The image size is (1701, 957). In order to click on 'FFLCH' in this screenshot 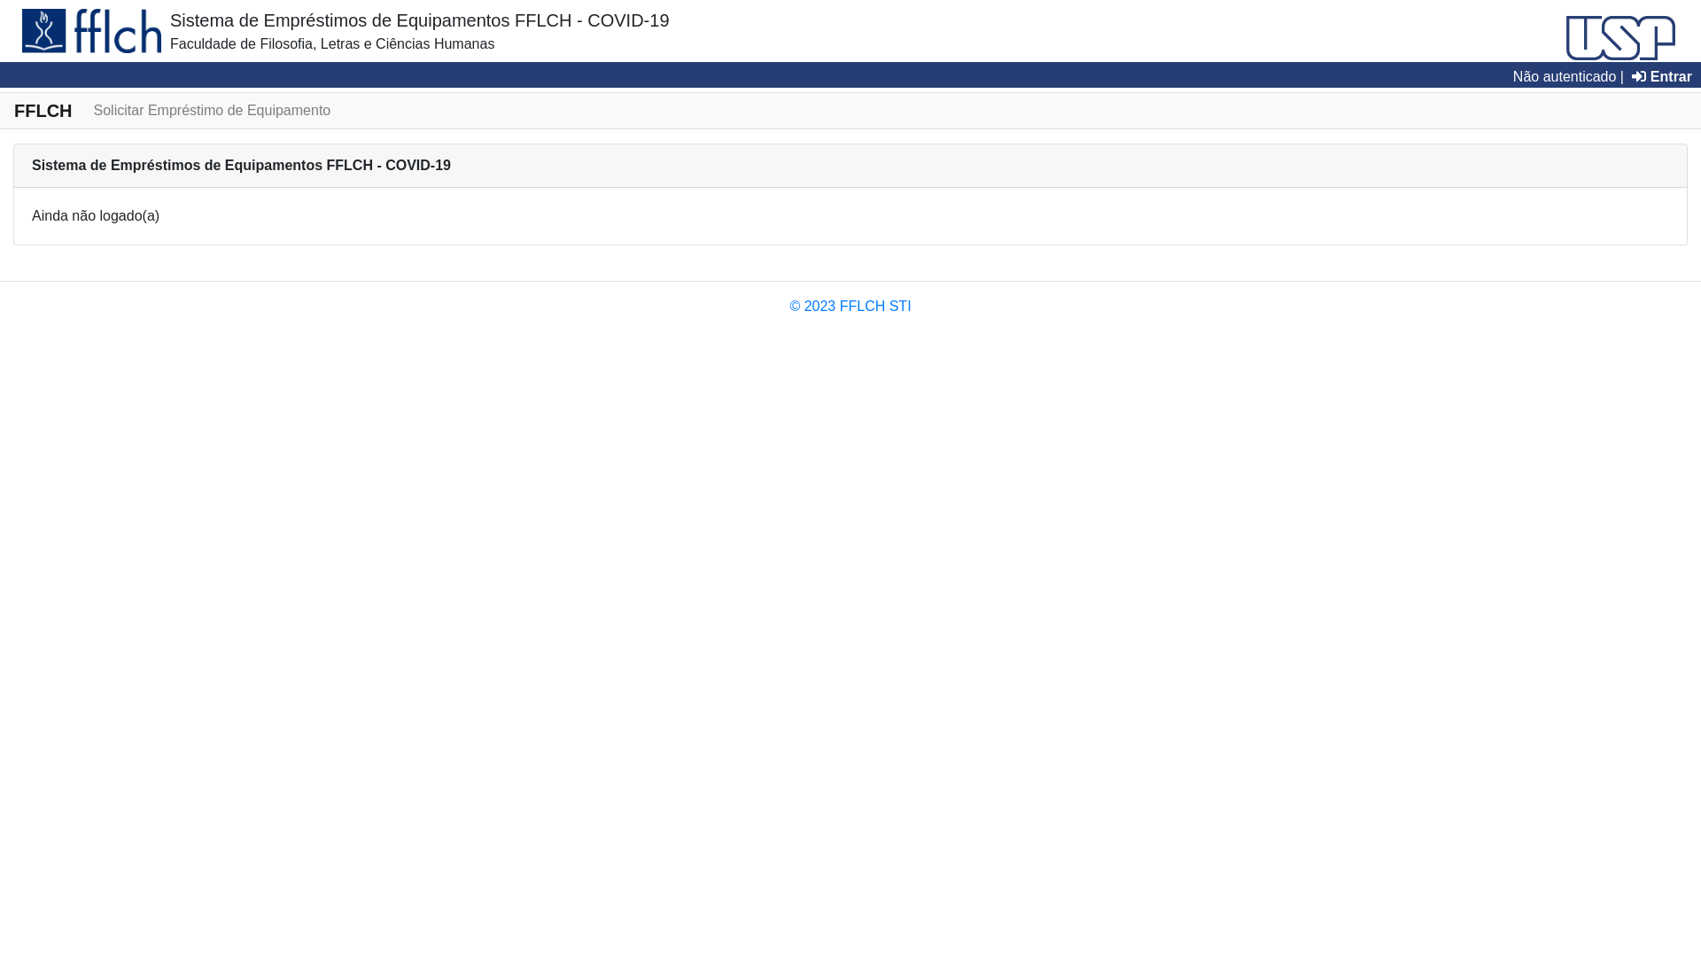, I will do `click(43, 110)`.